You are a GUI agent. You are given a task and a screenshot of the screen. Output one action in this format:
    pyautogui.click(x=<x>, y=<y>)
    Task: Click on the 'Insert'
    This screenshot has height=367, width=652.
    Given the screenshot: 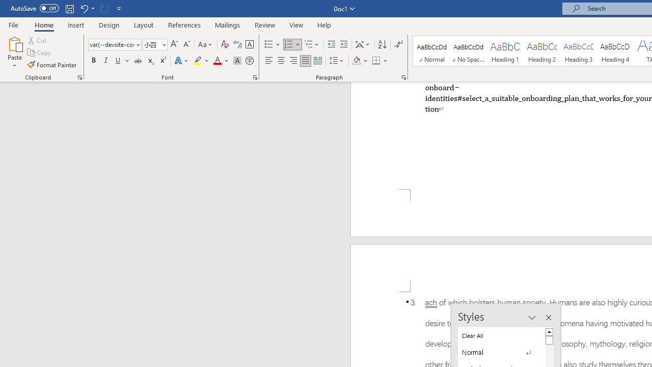 What is the action you would take?
    pyautogui.click(x=75, y=24)
    